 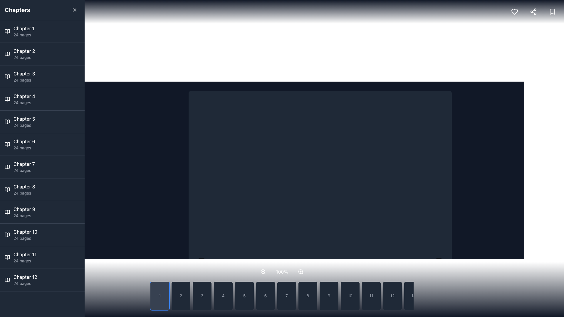 What do you see at coordinates (533, 11) in the screenshot?
I see `the share button located in the top-right corner of the interface, which is the second button in a horizontal sequence of three buttons` at bounding box center [533, 11].